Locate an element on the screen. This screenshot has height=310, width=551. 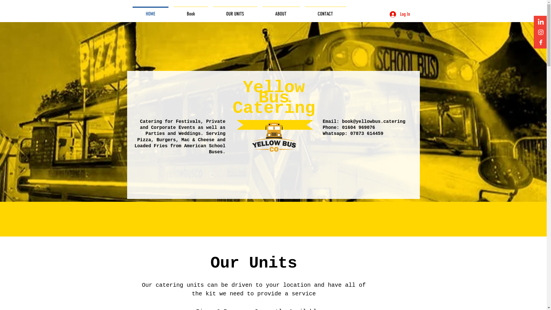
'Log In' is located at coordinates (386, 14).